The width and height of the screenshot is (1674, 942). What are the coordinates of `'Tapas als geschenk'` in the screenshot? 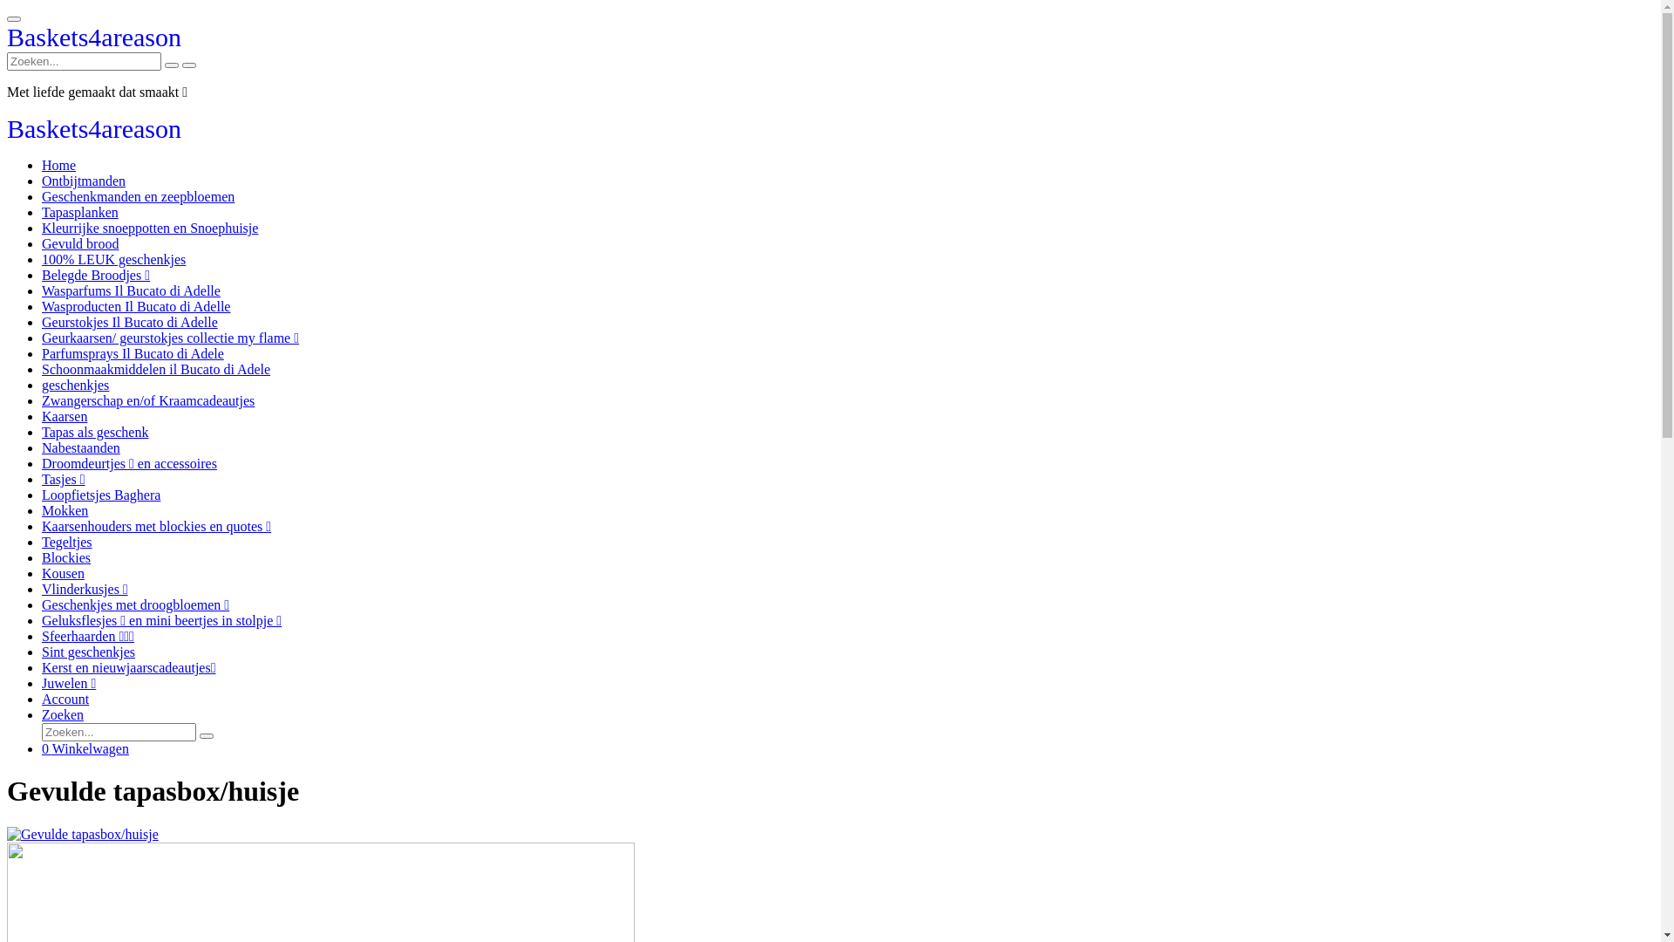 It's located at (42, 432).